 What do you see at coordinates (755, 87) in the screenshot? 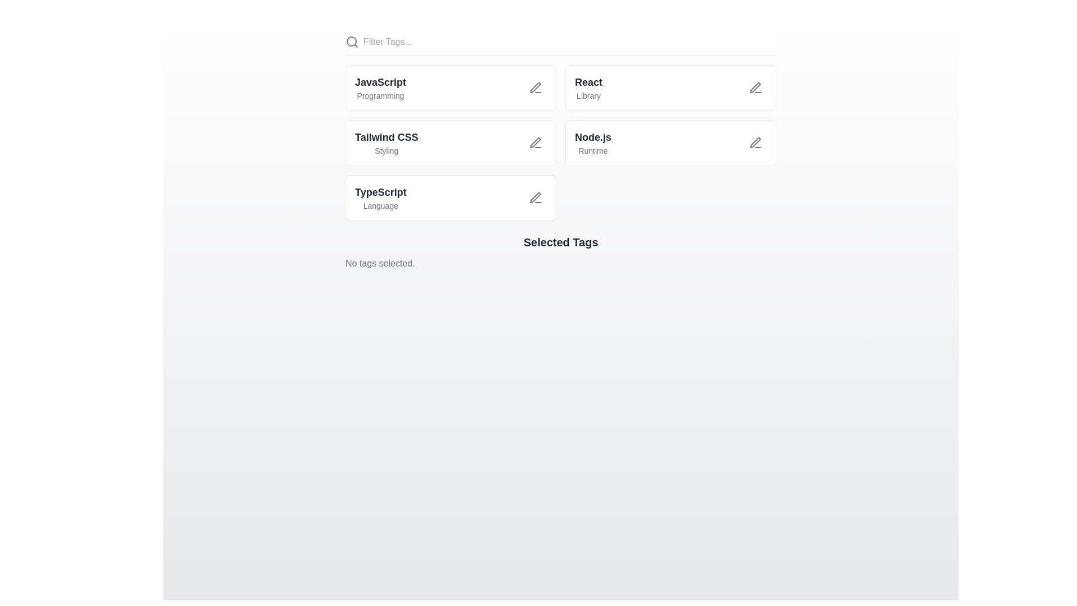
I see `the pen icon element located to the right of the React tag in the 'Selected Tags' section` at bounding box center [755, 87].